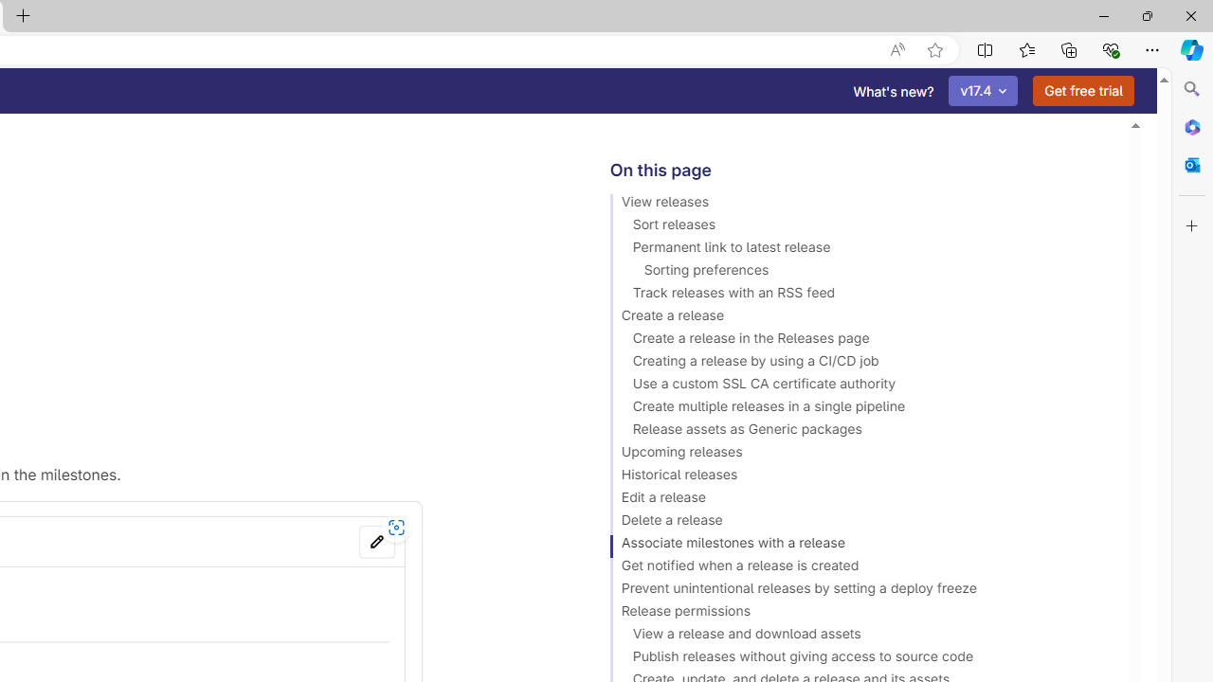  Describe the element at coordinates (860, 296) in the screenshot. I see `'Track releases with an RSS feed'` at that location.